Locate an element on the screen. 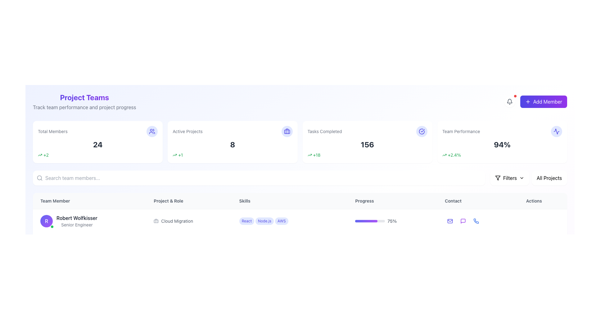 This screenshot has height=335, width=596. the appearance of the icon located in the upper-right corner of the 'Team Performance' card is located at coordinates (557, 131).